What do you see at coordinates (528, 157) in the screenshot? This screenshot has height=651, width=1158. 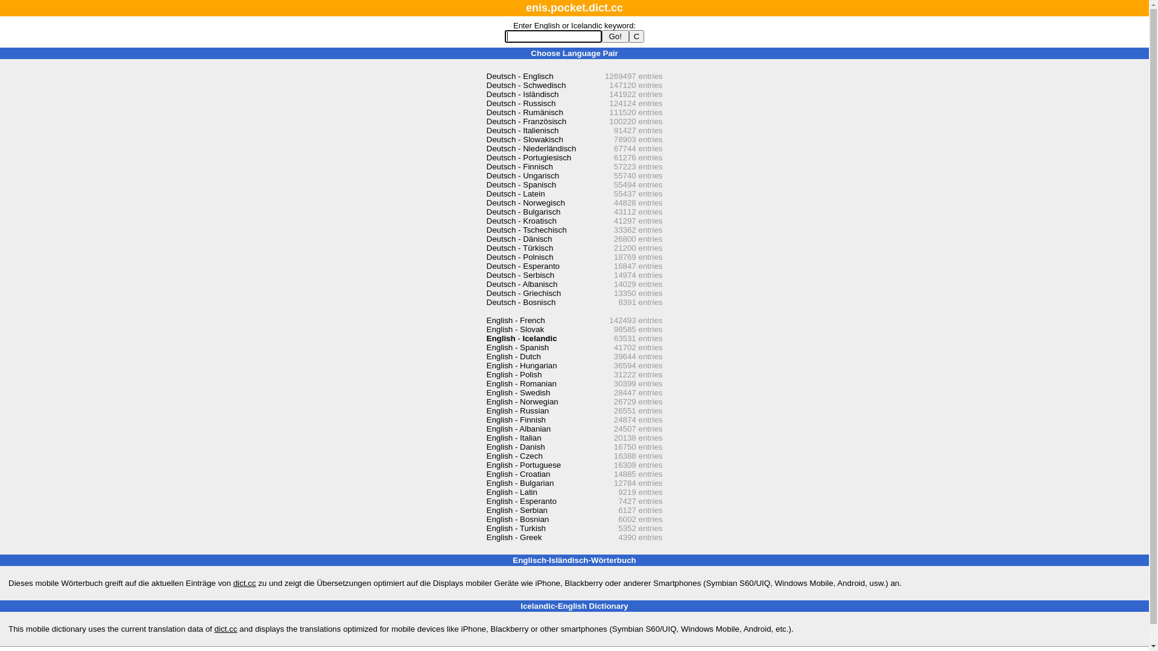 I see `'Deutsch - Portugiesisch'` at bounding box center [528, 157].